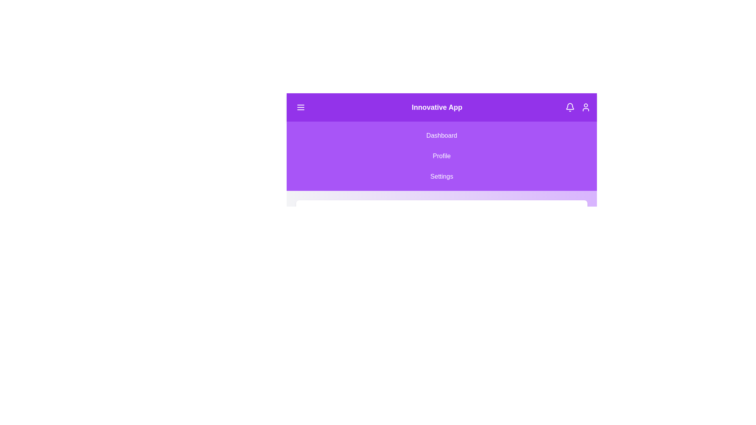 The height and width of the screenshot is (425, 756). What do you see at coordinates (442, 156) in the screenshot?
I see `the Profile from the navigation menu` at bounding box center [442, 156].